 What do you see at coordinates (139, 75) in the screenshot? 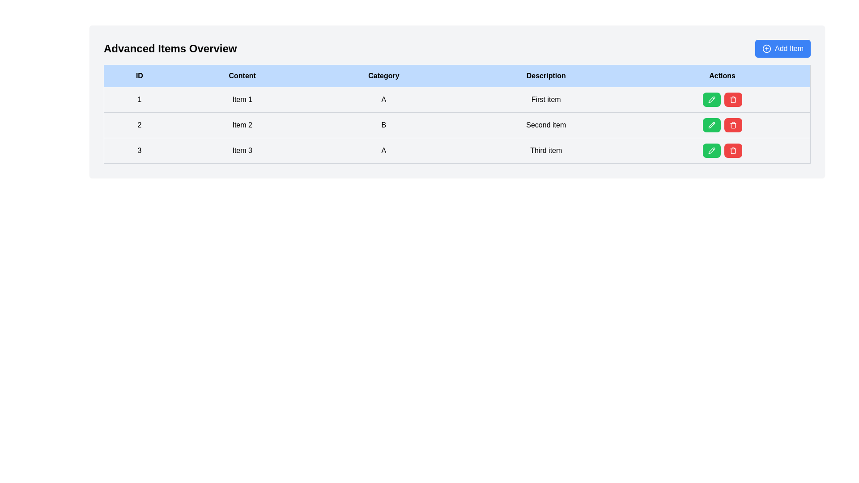
I see `the first header cell of the table that labels the column containing the IDs of items, located at the top-left of the table row` at bounding box center [139, 75].